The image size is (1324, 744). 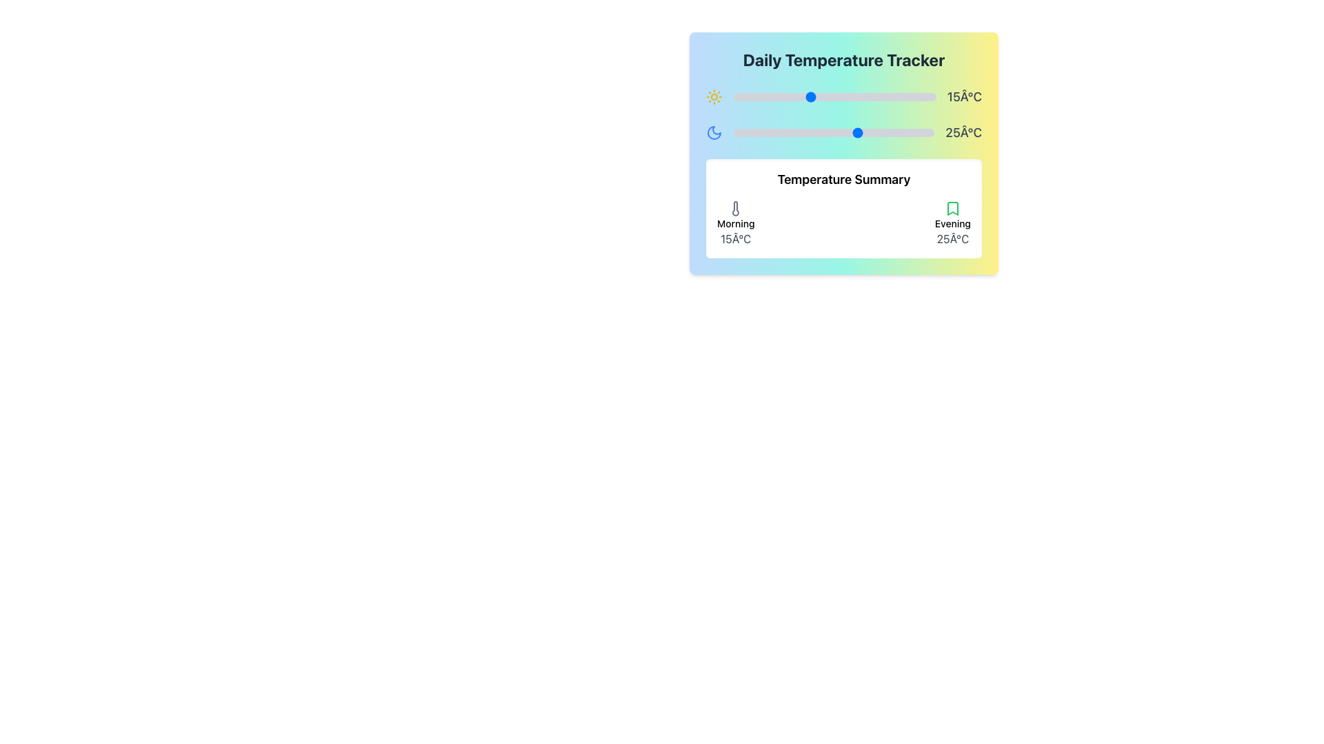 I want to click on the 'Temperature Summary' text label, which is prominently displayed in a bold and large font within a white rounded rectangle on a gradient background, so click(x=843, y=179).